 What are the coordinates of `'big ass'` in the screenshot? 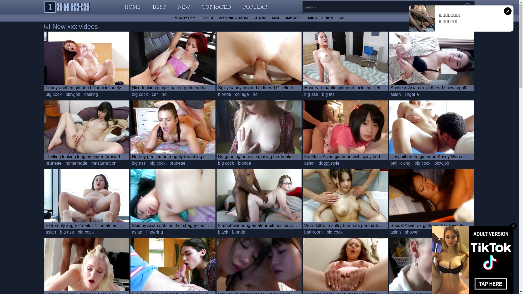 It's located at (66, 232).